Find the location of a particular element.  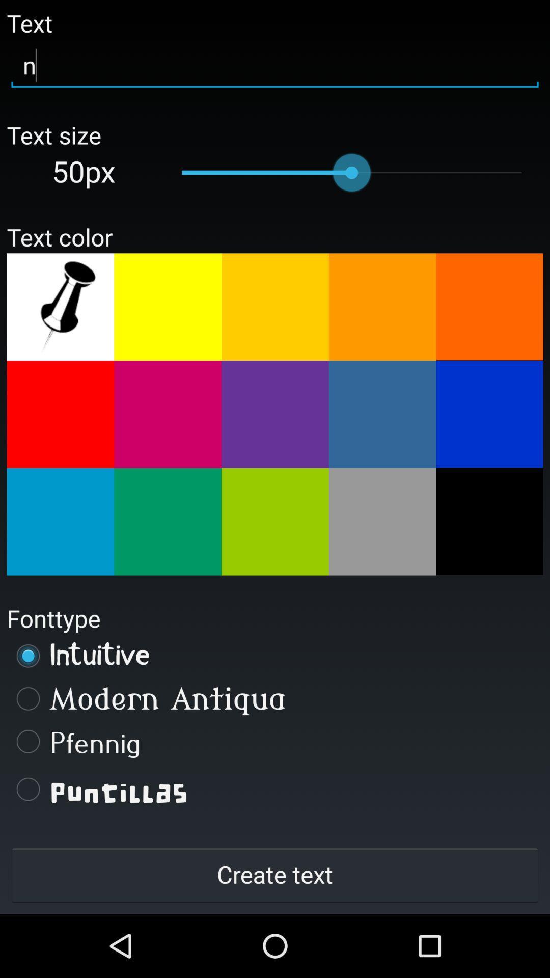

color is located at coordinates (167, 414).